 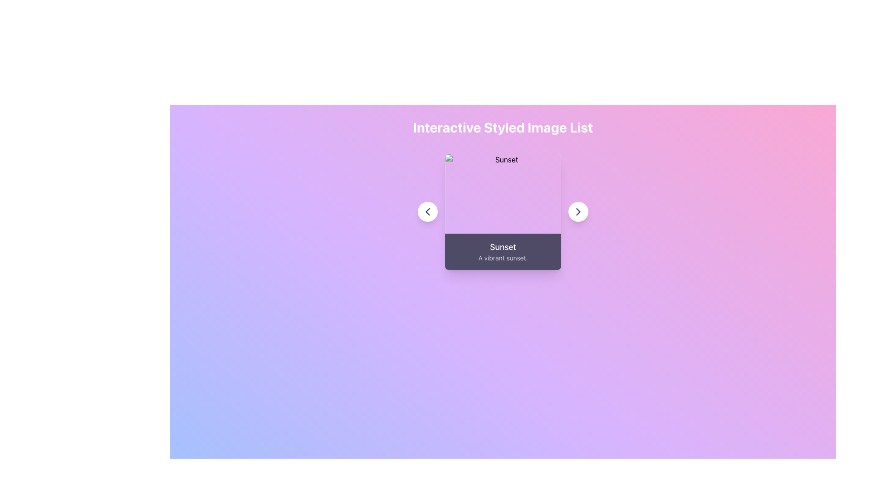 I want to click on the rightward arrow navigation button located within a circular button at the right edge of the 'Sunset' card to receive feedback or focus, so click(x=578, y=211).